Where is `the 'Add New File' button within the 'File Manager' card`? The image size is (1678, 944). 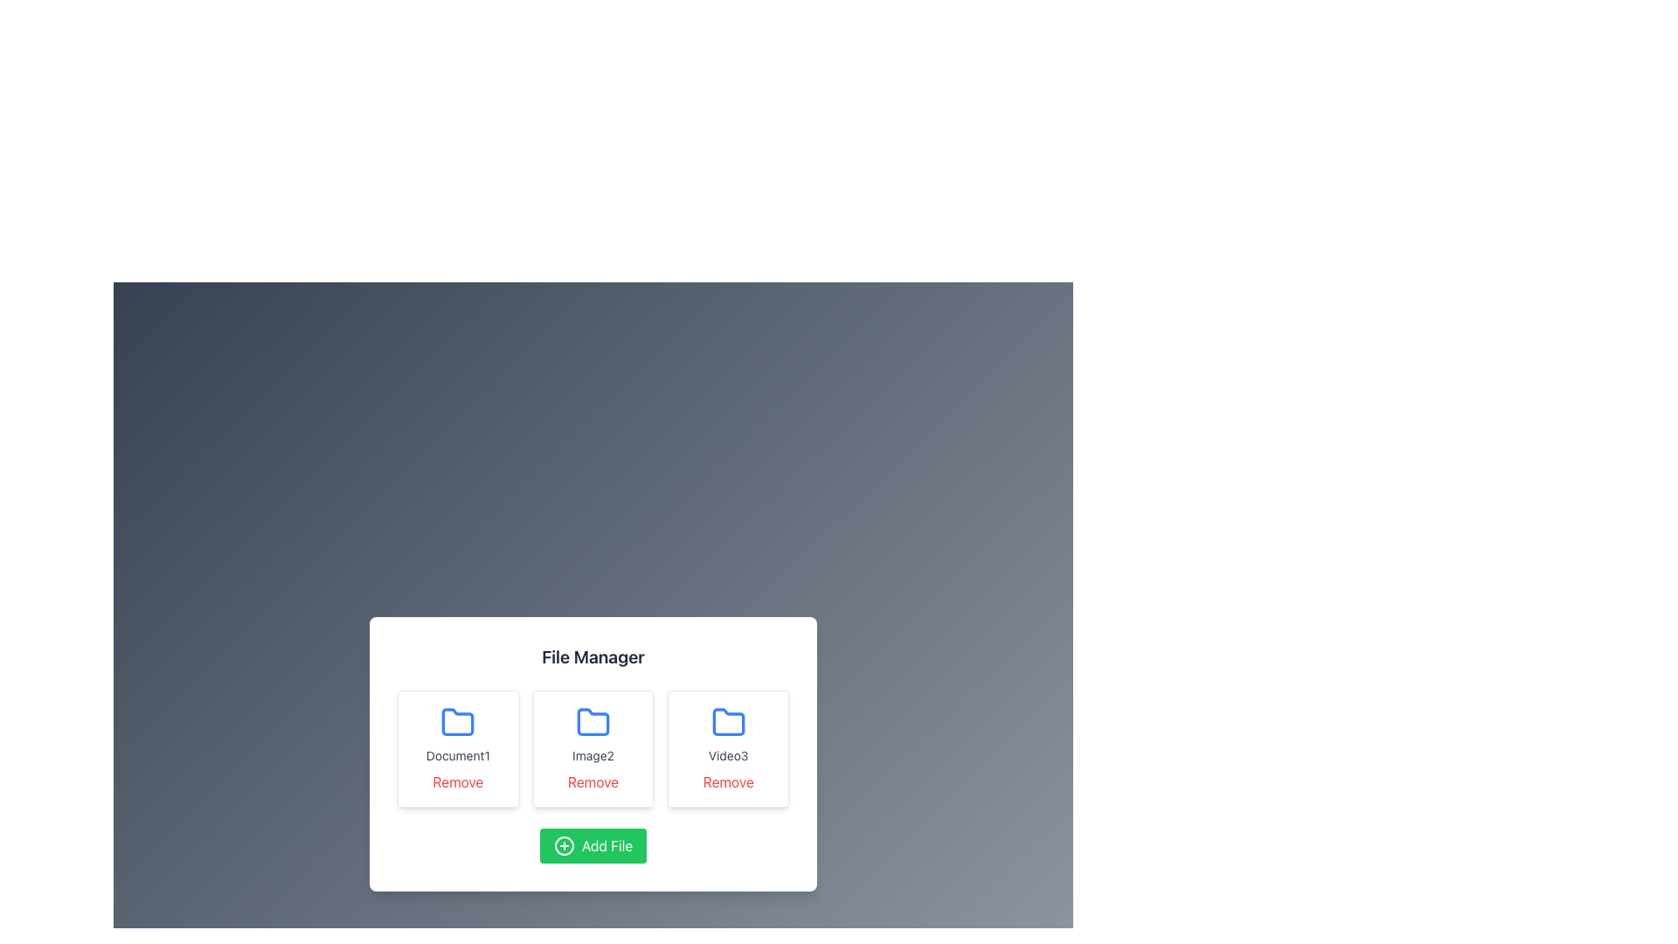
the 'Add New File' button within the 'File Manager' card is located at coordinates (593, 845).